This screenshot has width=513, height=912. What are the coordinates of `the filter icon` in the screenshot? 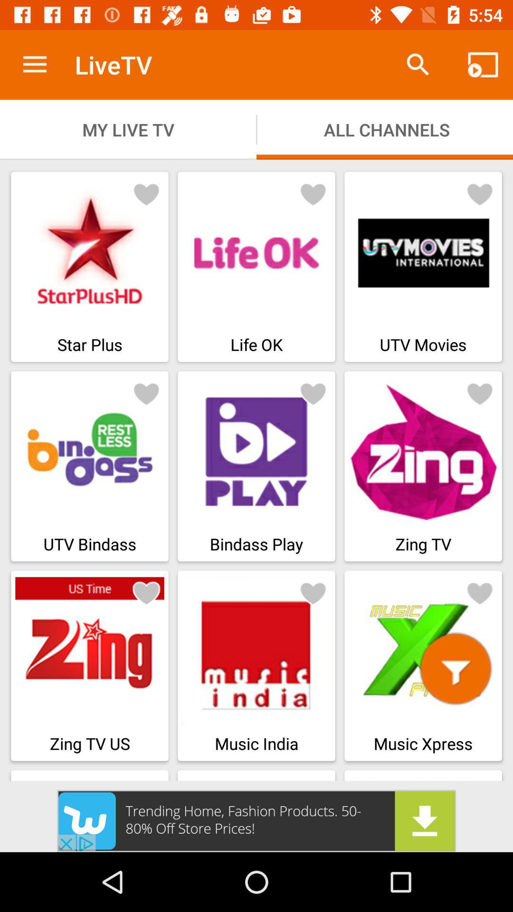 It's located at (455, 668).